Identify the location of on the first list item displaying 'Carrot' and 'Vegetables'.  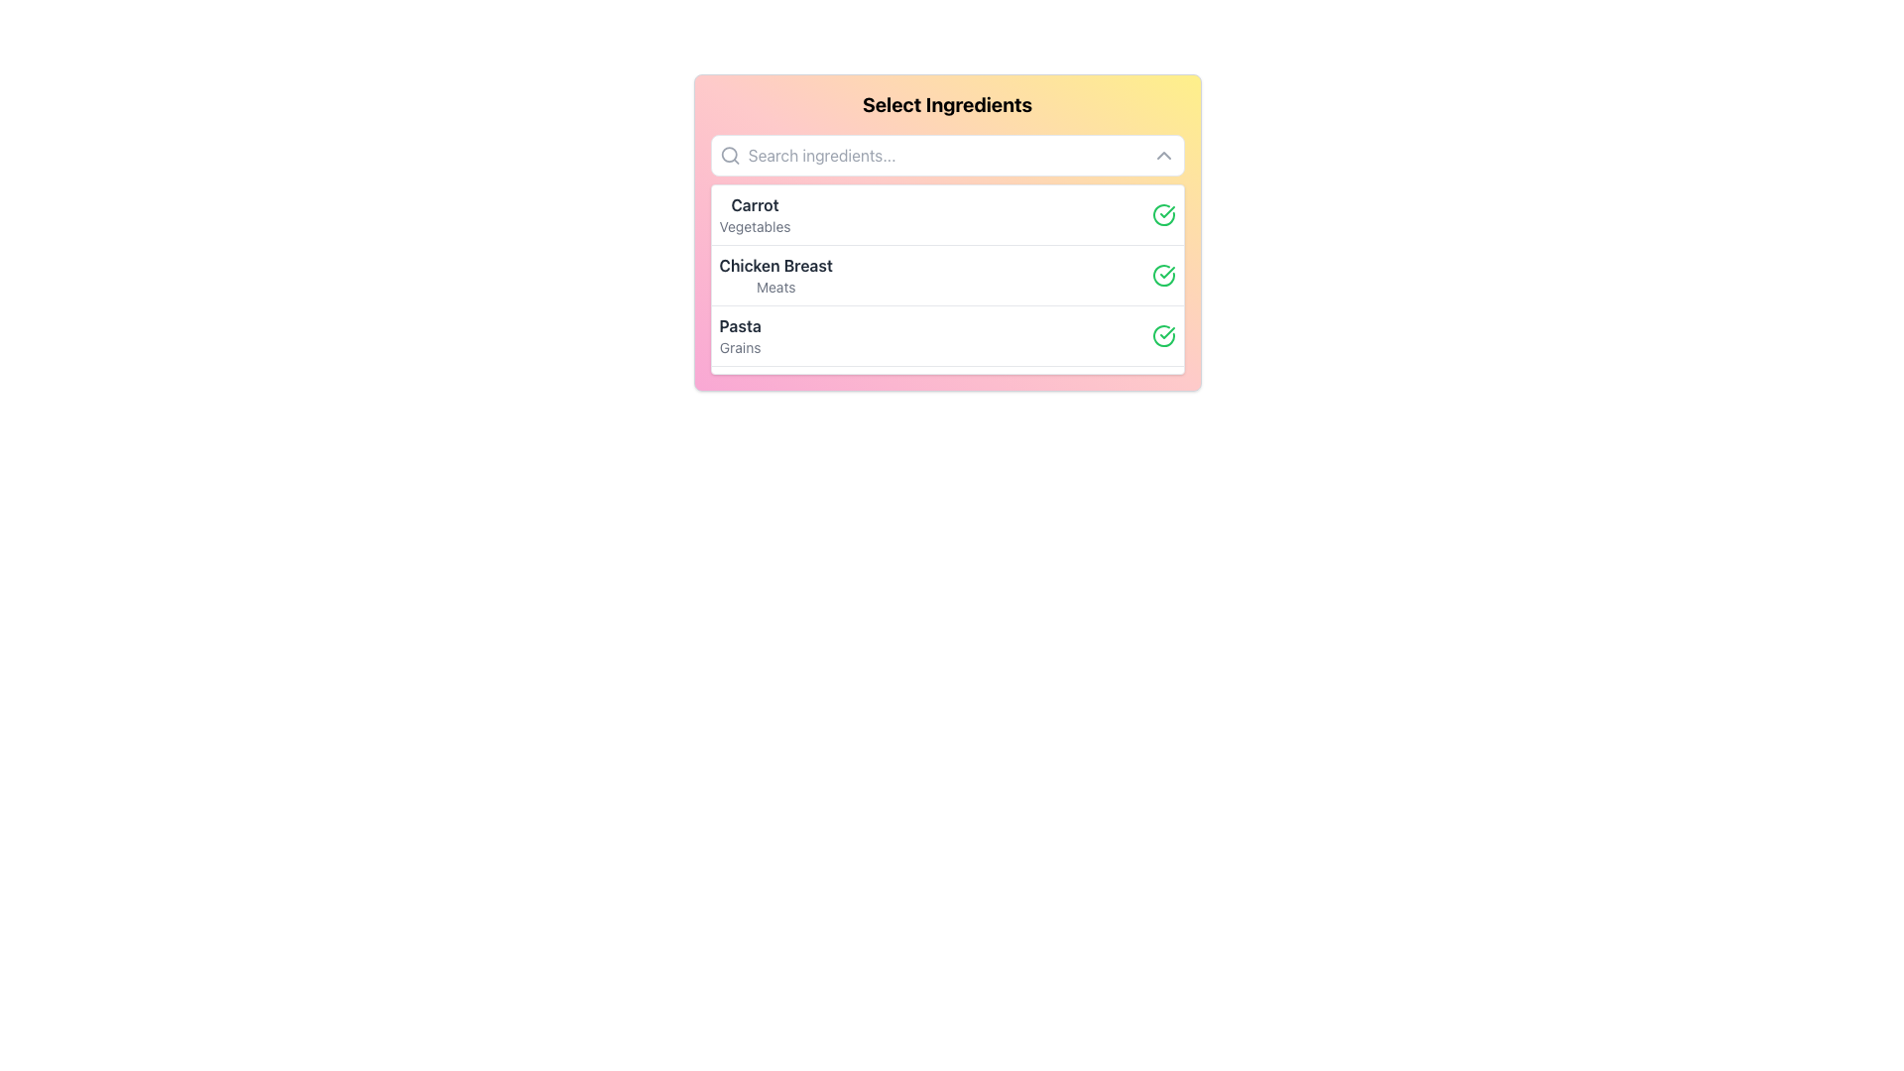
(946, 215).